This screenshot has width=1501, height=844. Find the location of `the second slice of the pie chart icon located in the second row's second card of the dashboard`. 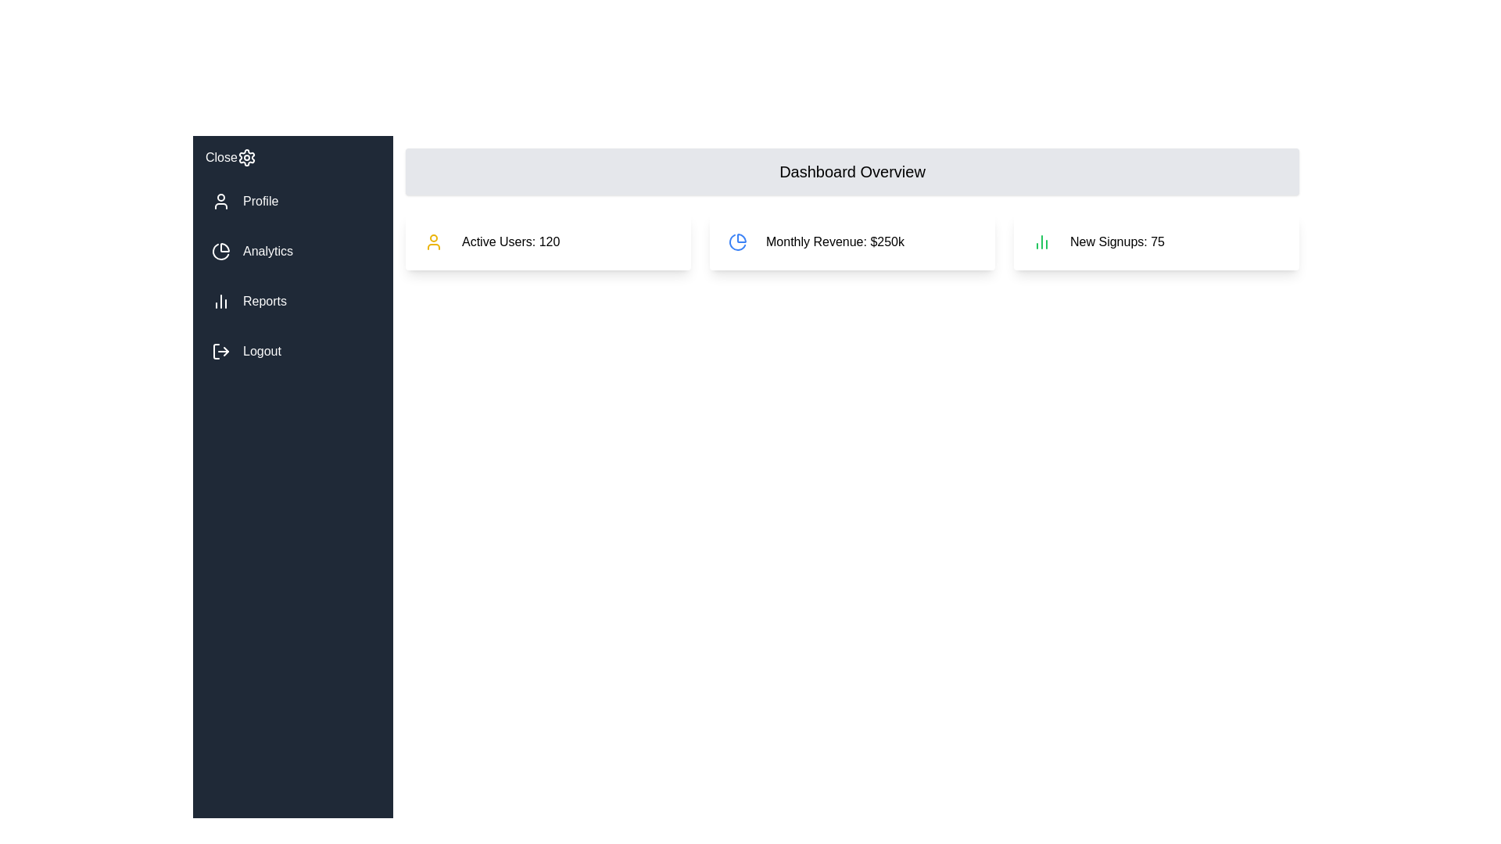

the second slice of the pie chart icon located in the second row's second card of the dashboard is located at coordinates (736, 242).